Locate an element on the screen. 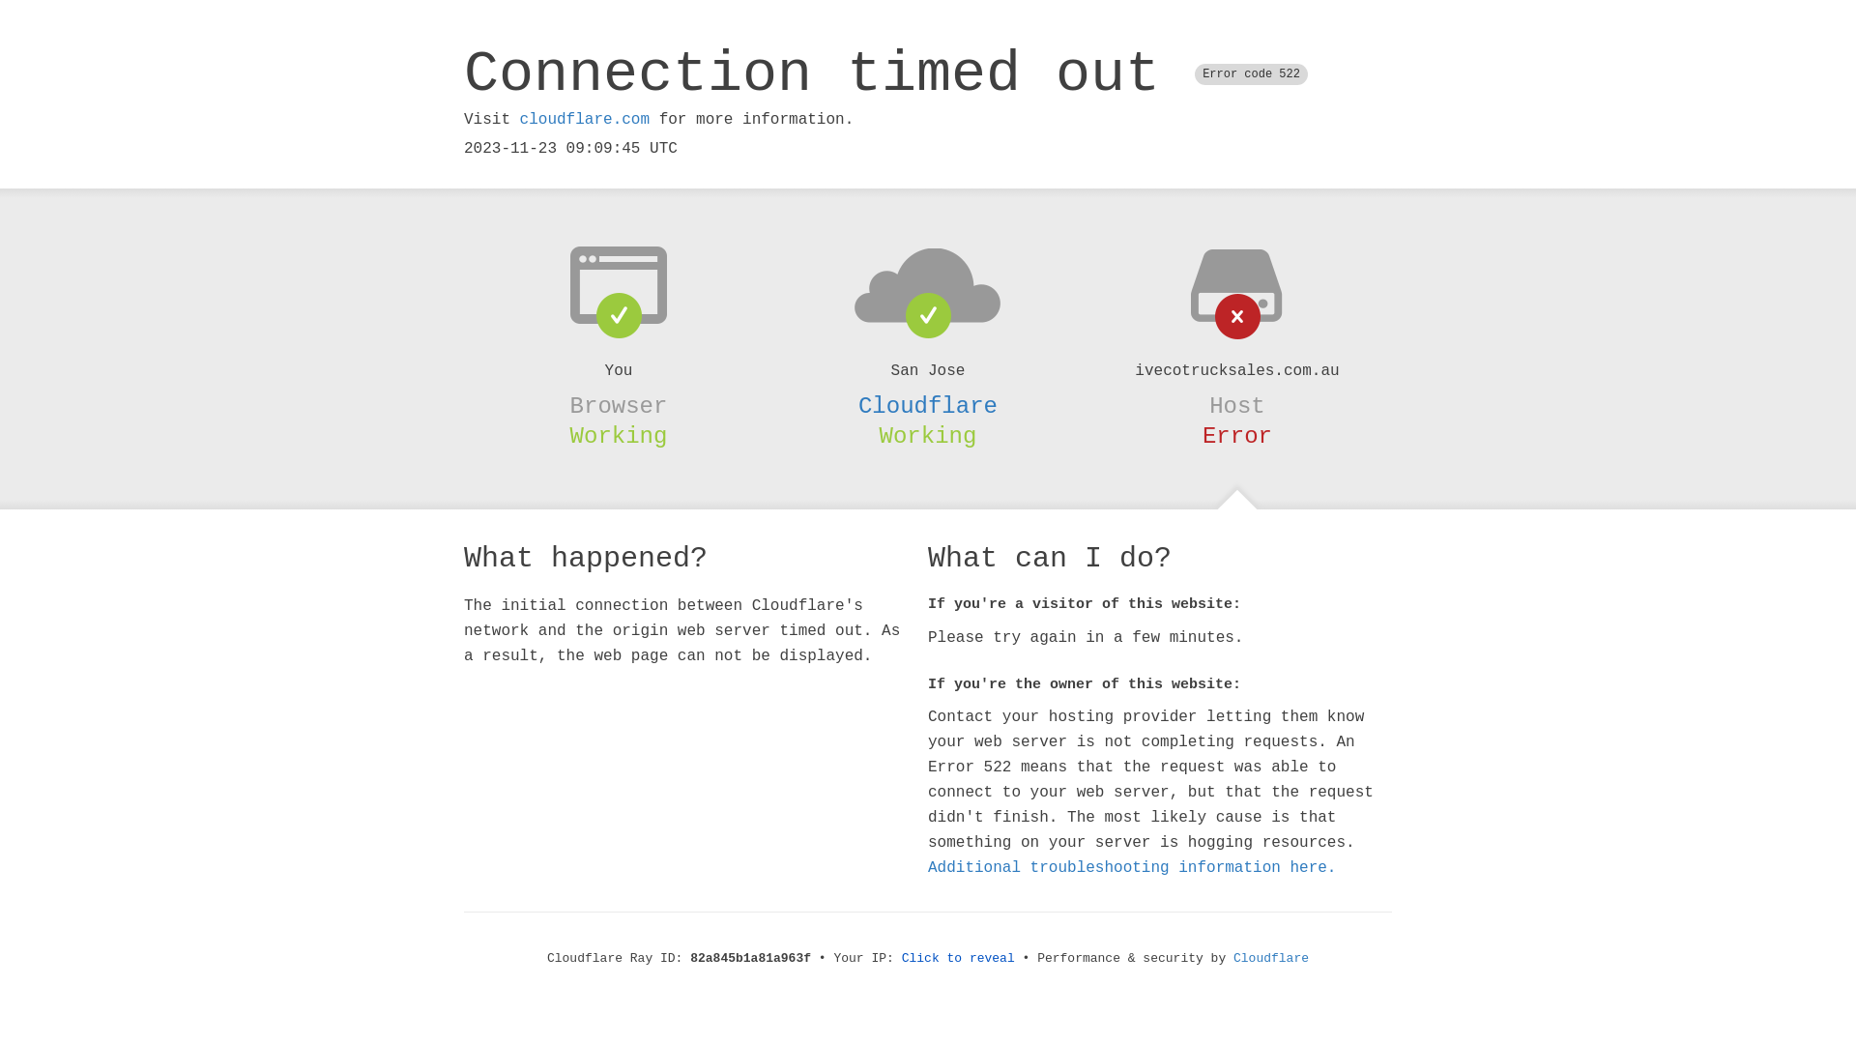  'Cloudflare' is located at coordinates (928, 405).